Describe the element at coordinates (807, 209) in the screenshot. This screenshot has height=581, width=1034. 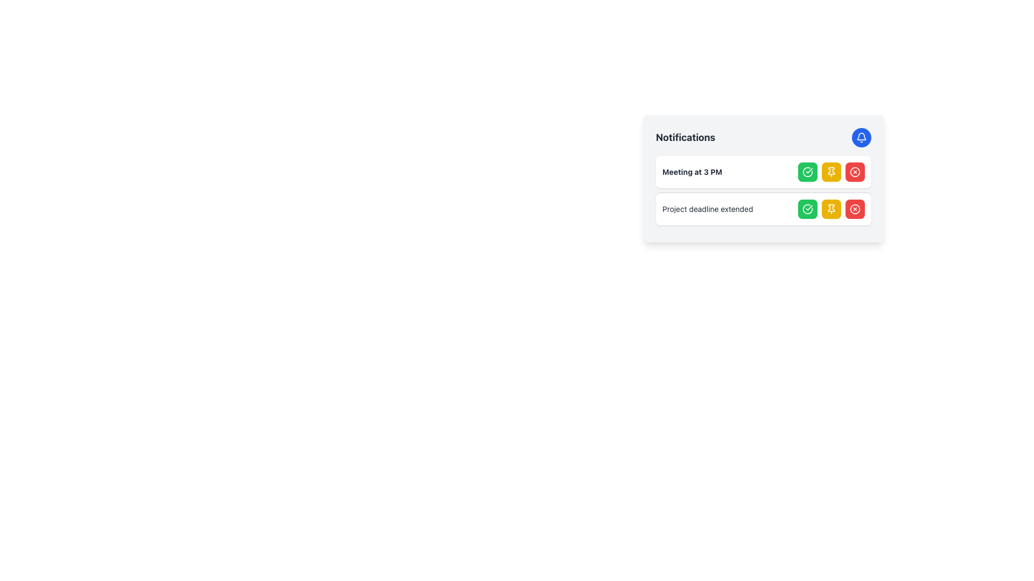
I see `the circular icon with a green checkmark representing a completed action` at that location.